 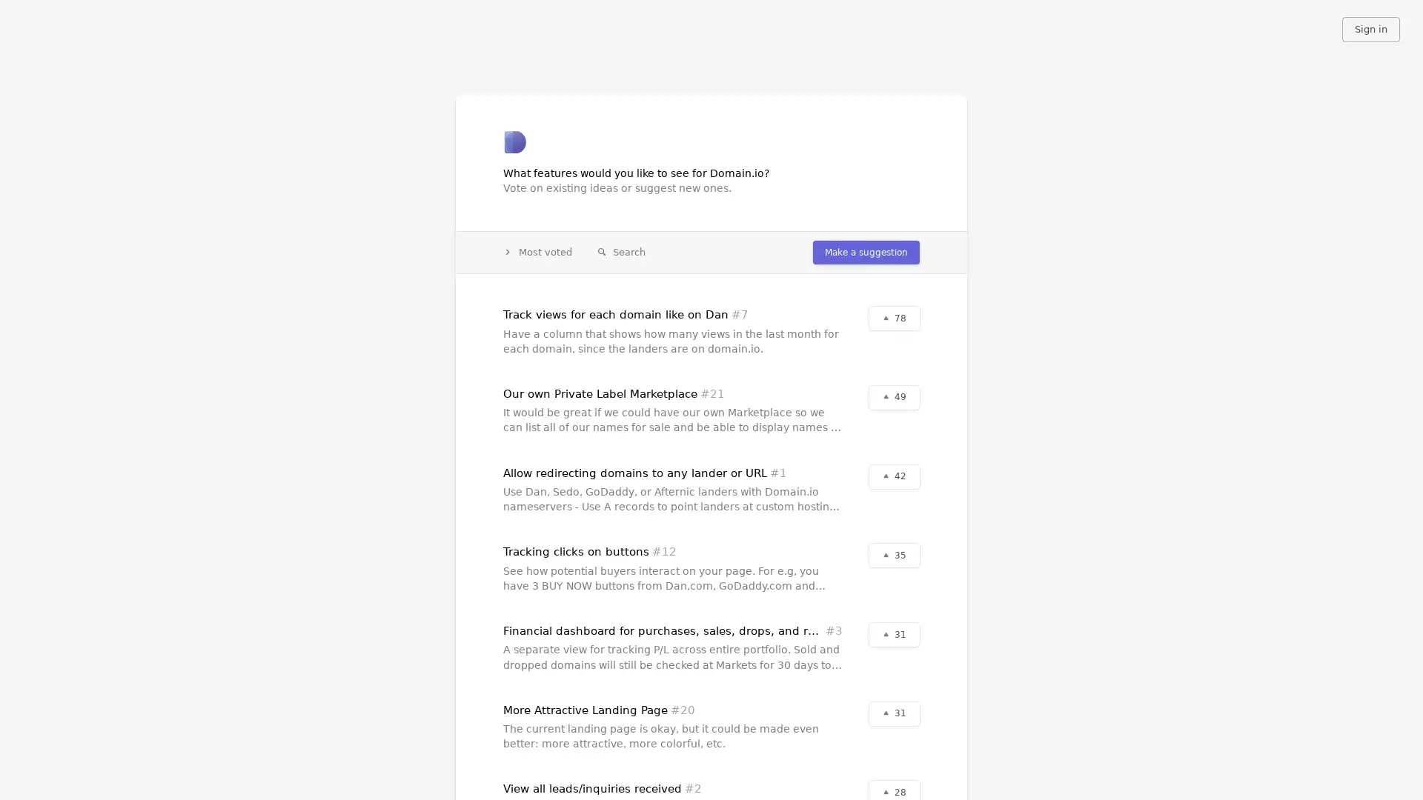 I want to click on 42, so click(x=893, y=476).